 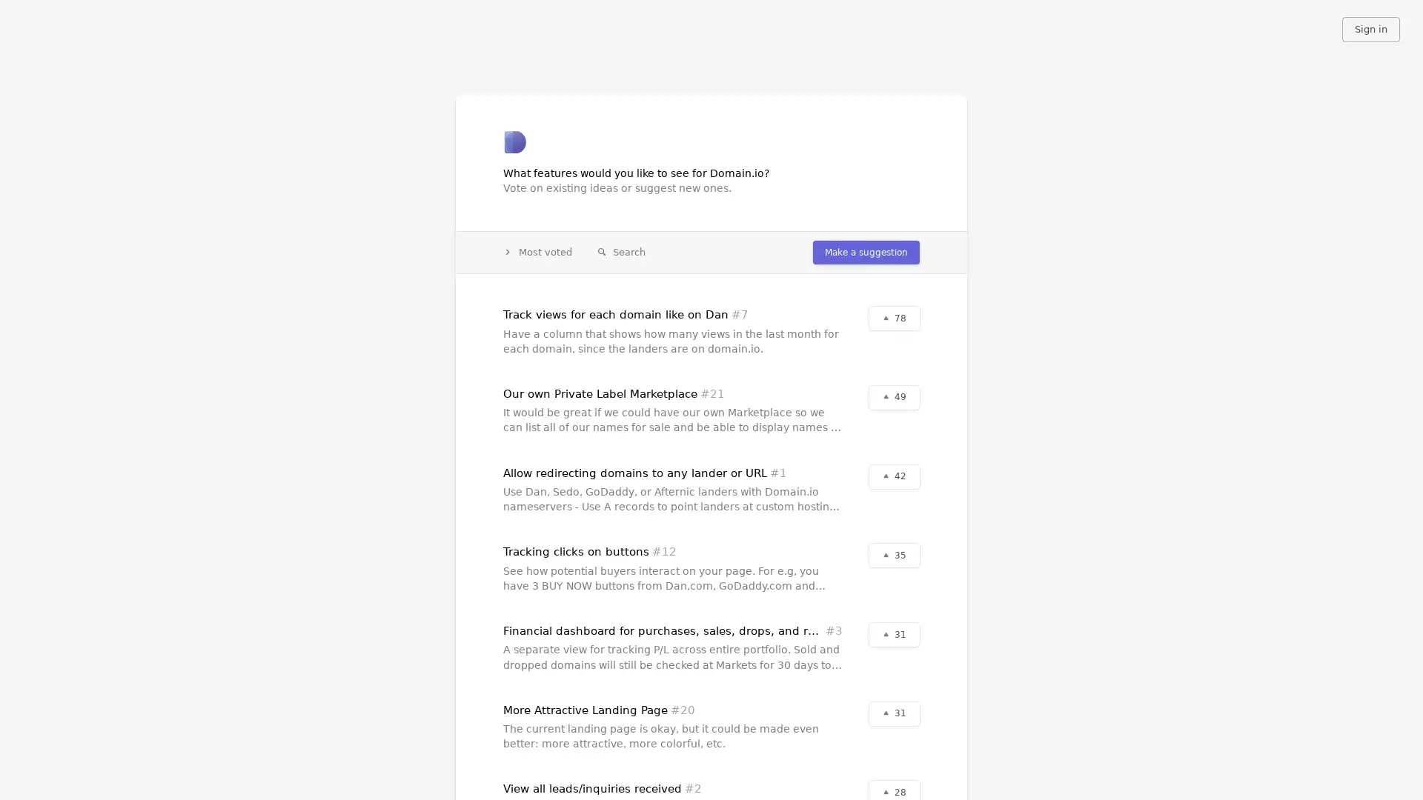 I want to click on 42, so click(x=893, y=476).